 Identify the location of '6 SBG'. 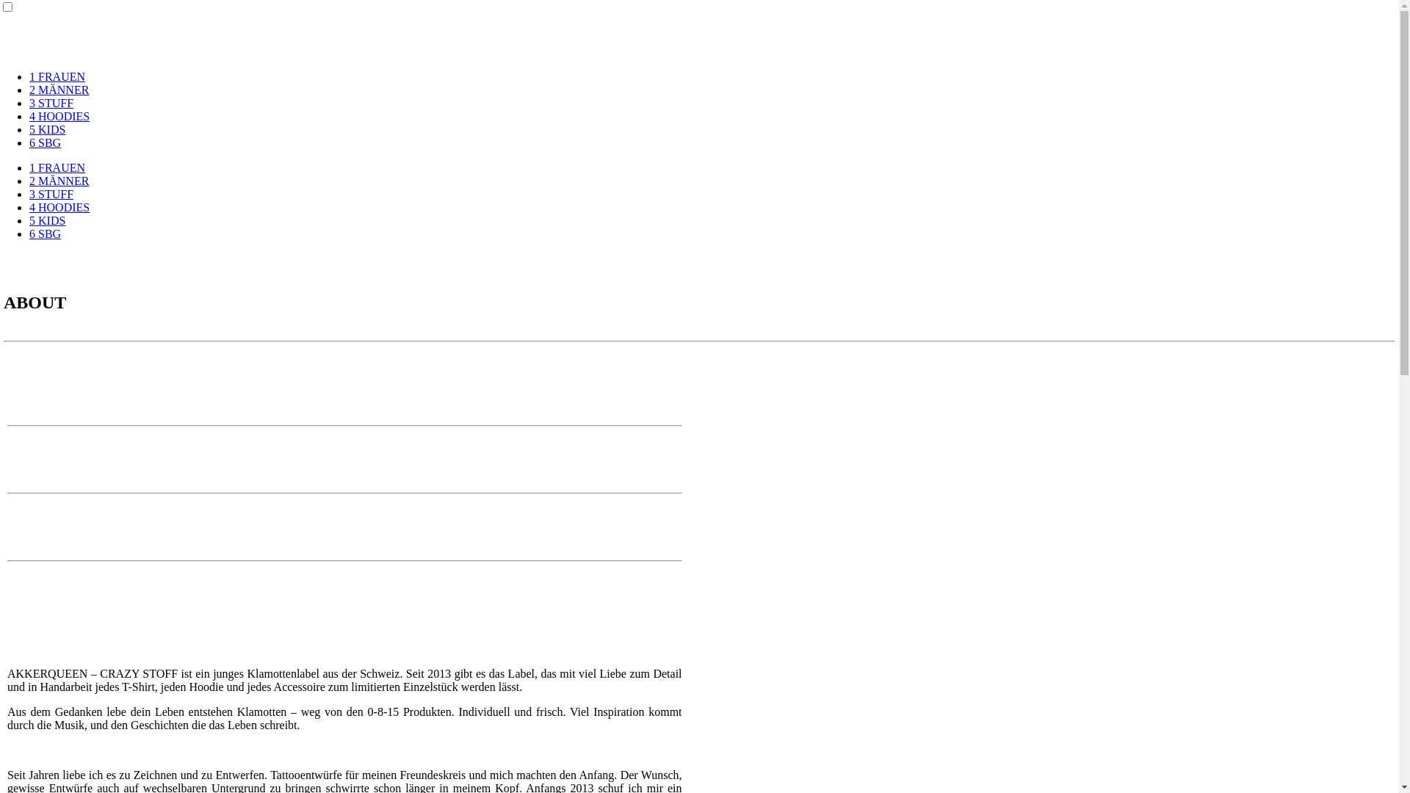
(45, 233).